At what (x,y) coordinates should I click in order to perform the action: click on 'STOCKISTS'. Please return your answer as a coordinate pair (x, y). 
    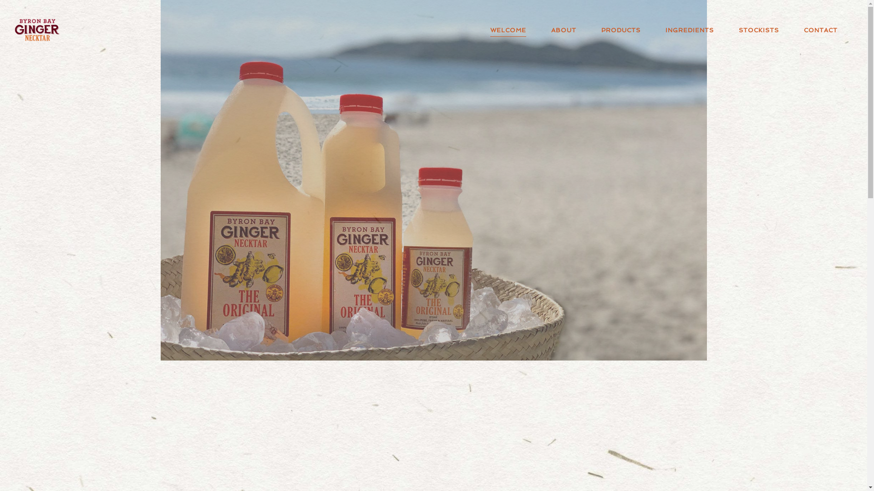
    Looking at the image, I should click on (757, 29).